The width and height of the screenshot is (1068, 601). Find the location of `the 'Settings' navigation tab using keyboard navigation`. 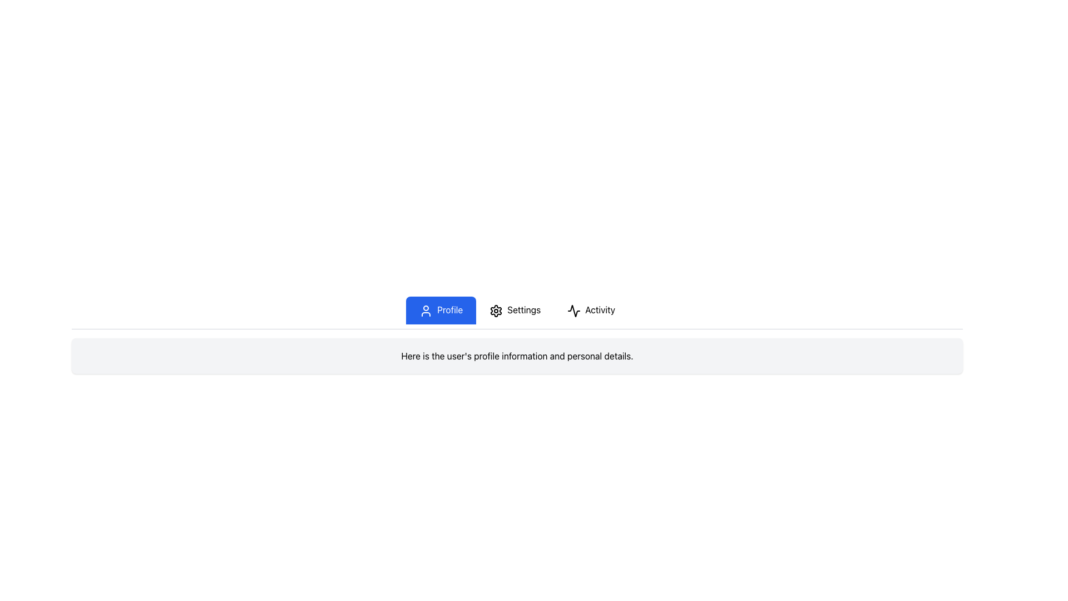

the 'Settings' navigation tab using keyboard navigation is located at coordinates (515, 310).